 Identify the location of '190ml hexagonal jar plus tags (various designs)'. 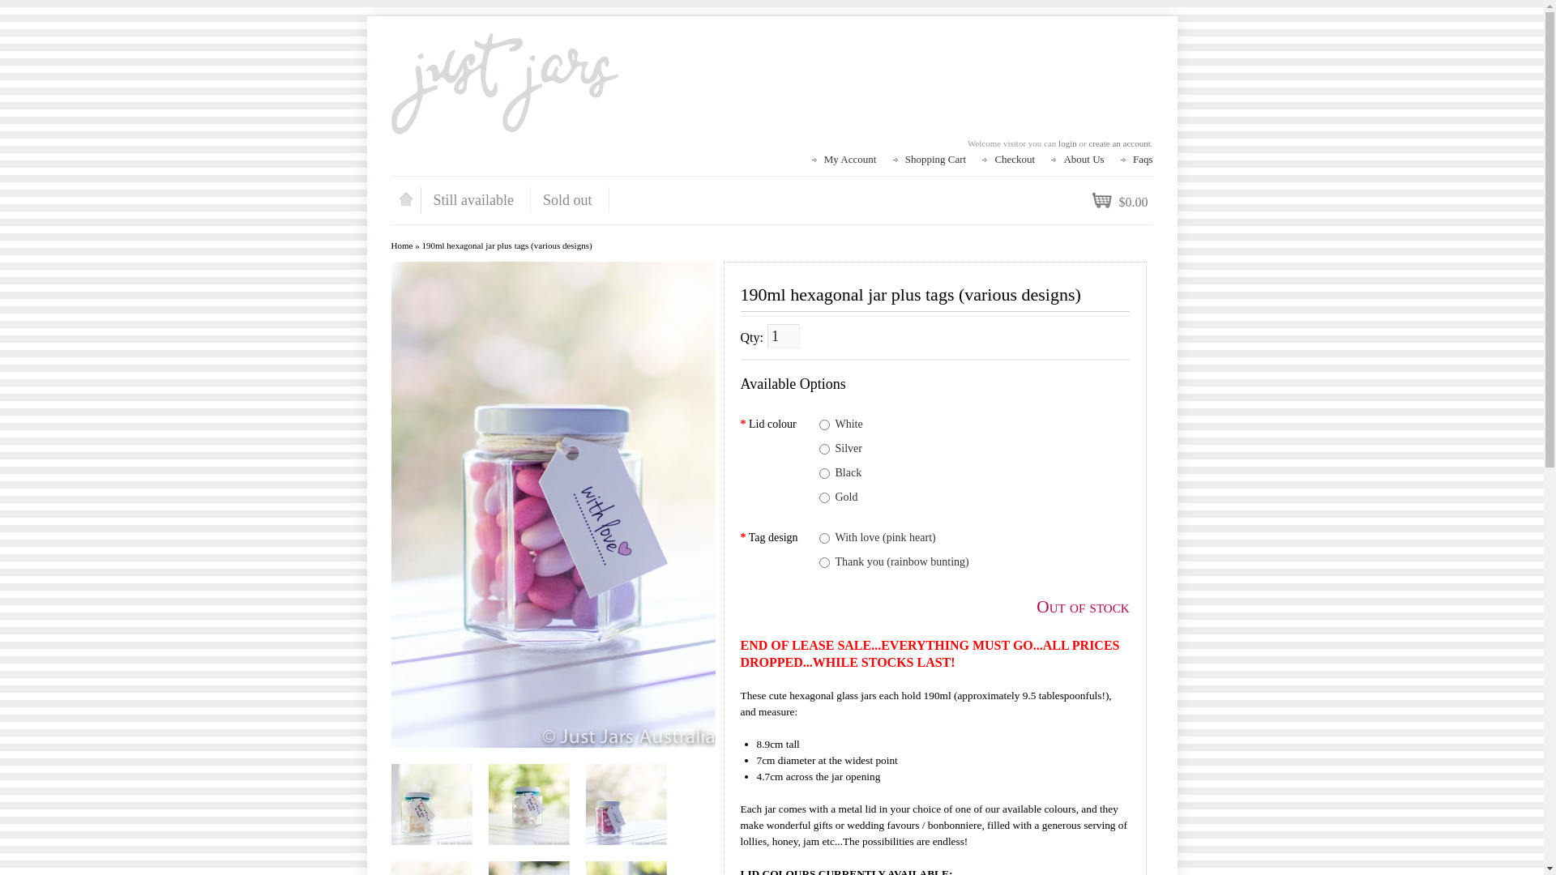
(431, 804).